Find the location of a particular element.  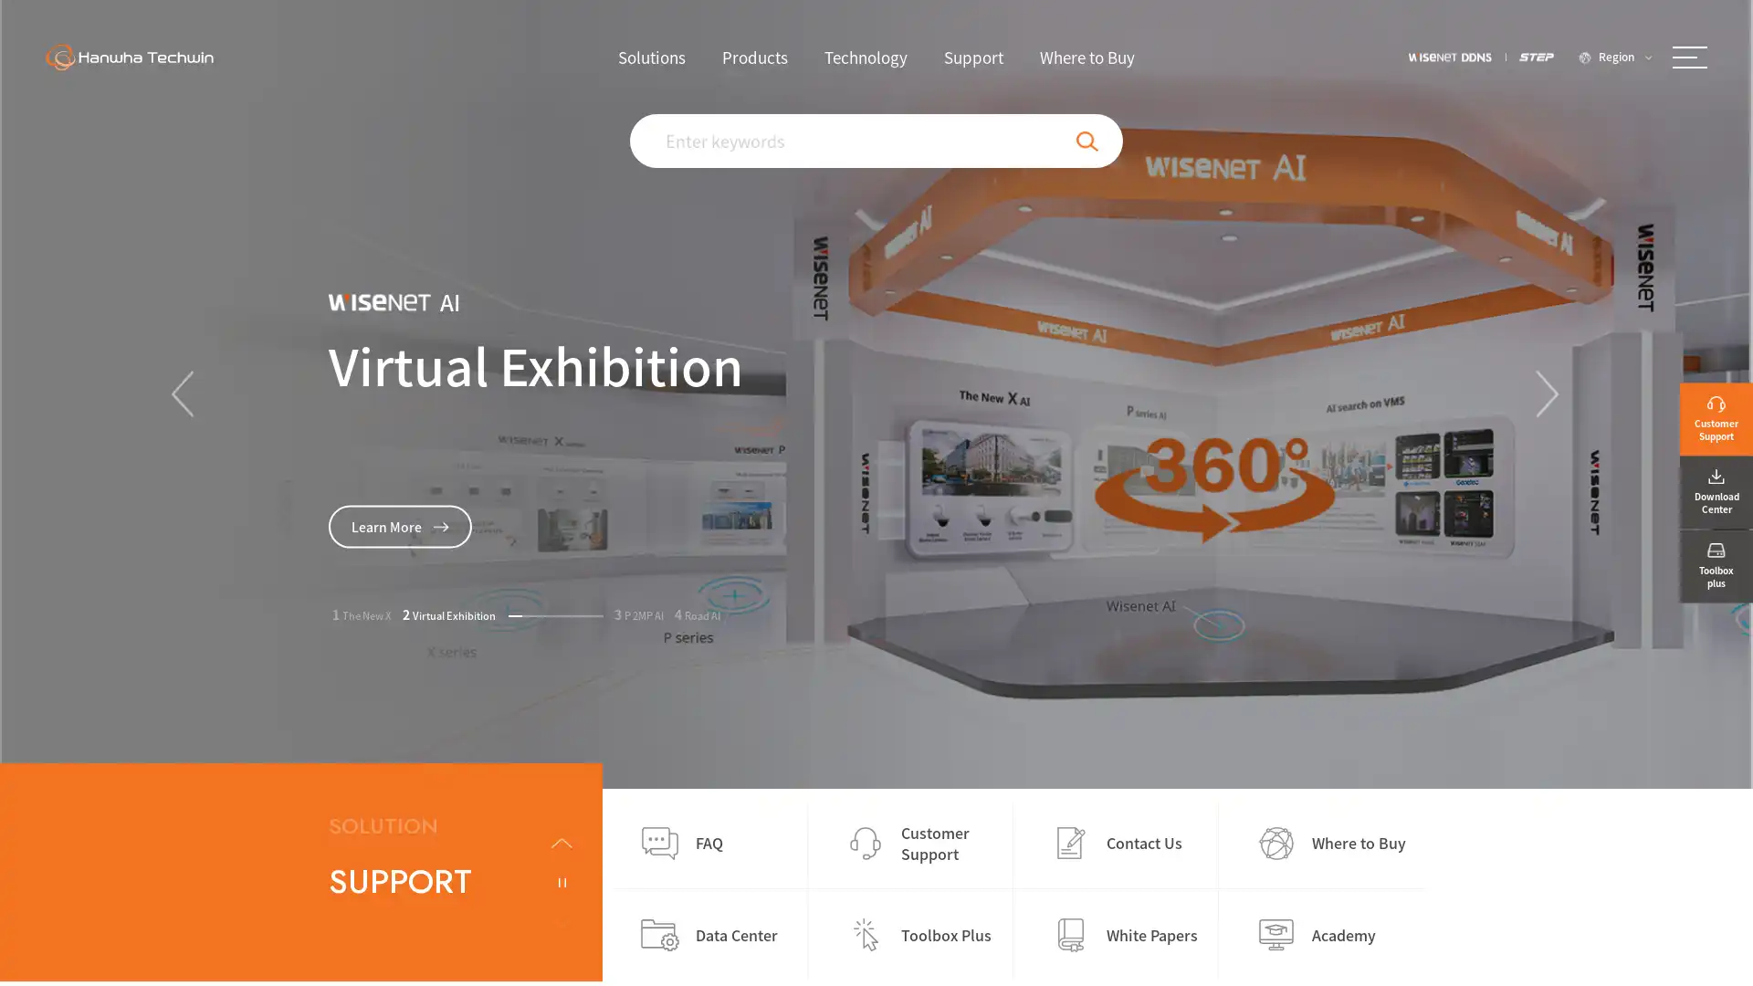

Next slide is located at coordinates (1546, 393).